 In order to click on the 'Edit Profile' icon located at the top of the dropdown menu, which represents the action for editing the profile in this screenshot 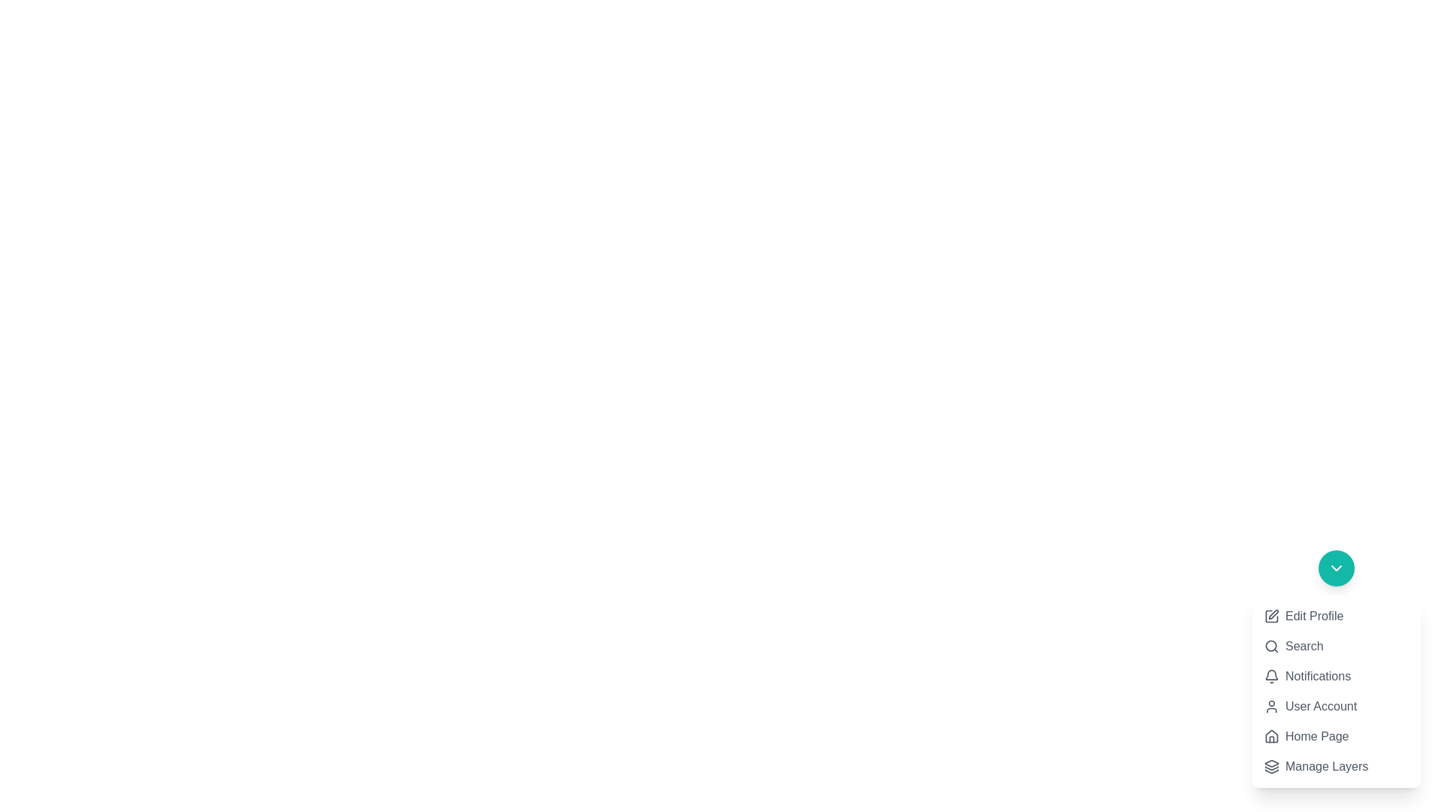, I will do `click(1270, 617)`.